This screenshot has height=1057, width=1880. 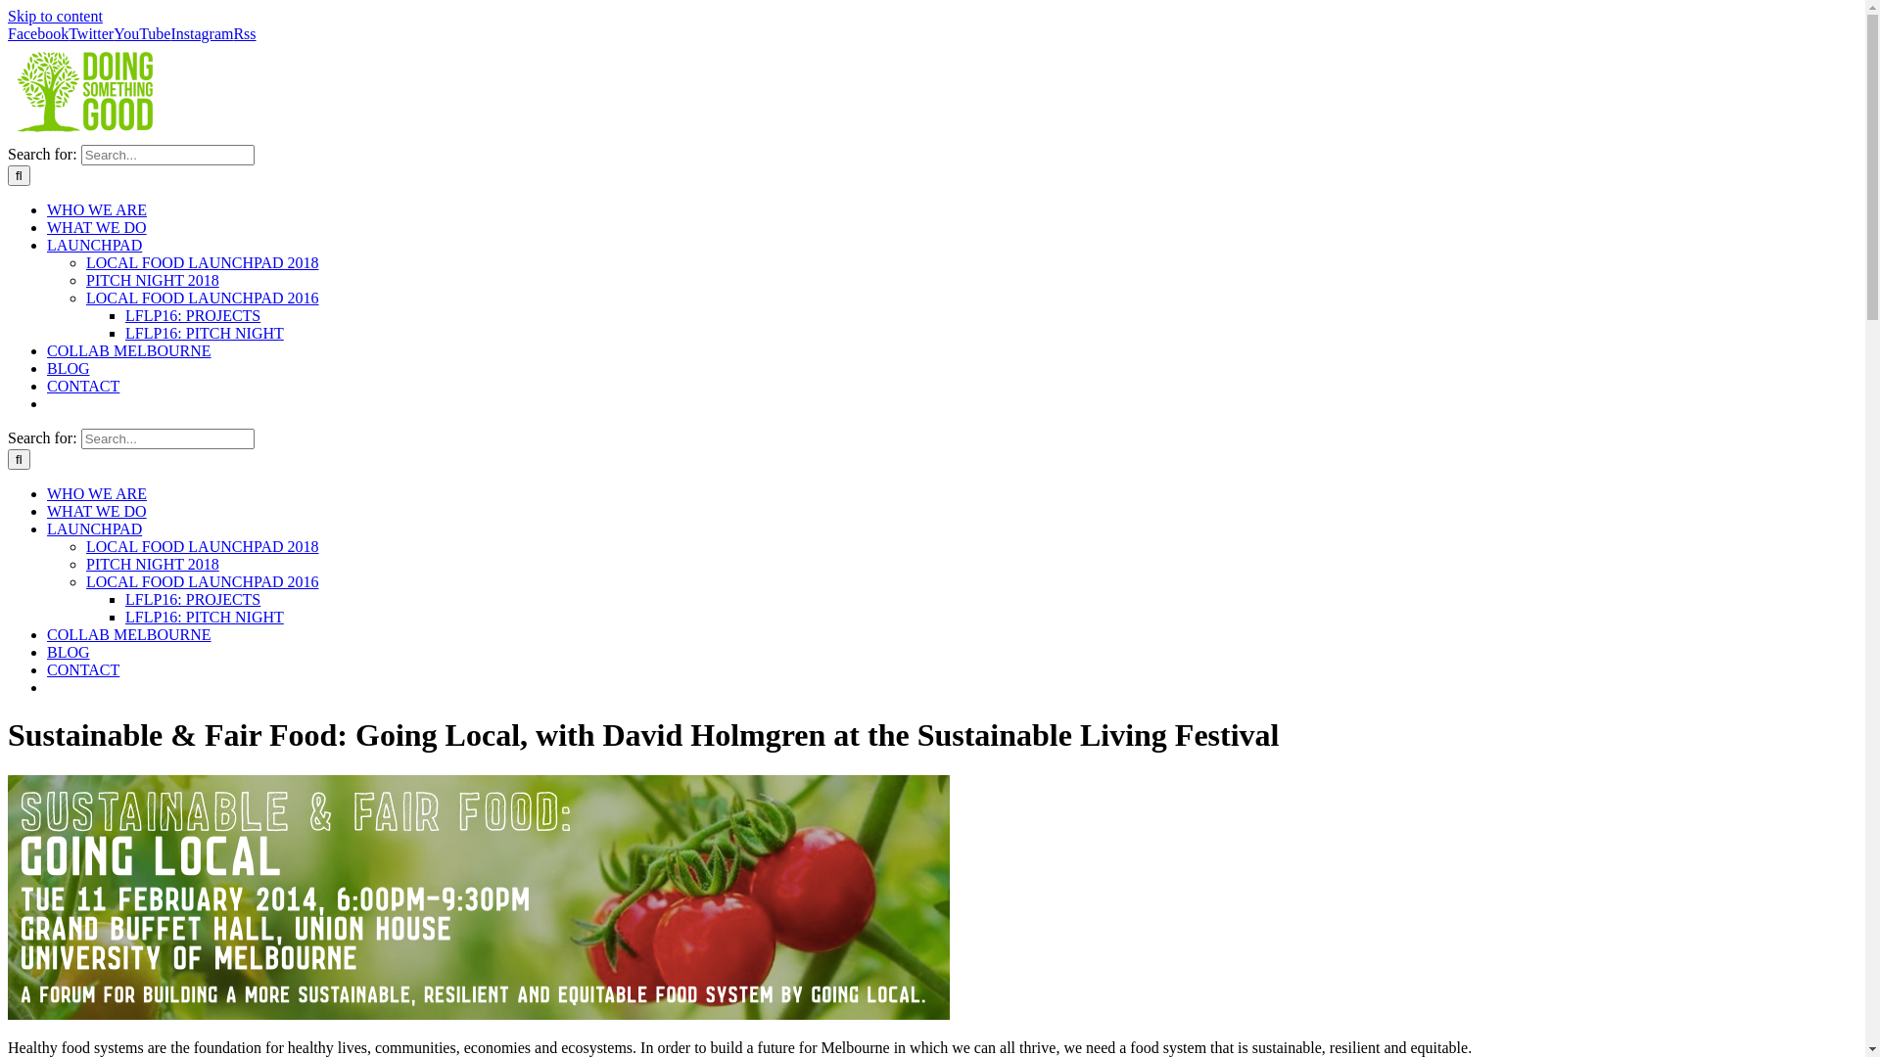 I want to click on 'LFLP16: PITCH NIGHT', so click(x=205, y=617).